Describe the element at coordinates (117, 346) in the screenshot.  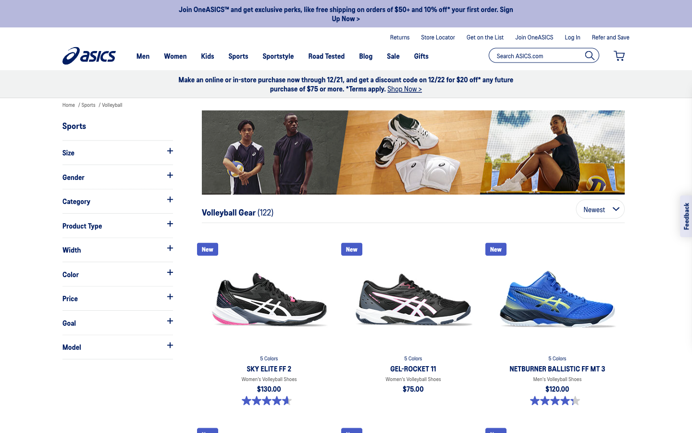
I see `See what models they have in the sports shoes` at that location.